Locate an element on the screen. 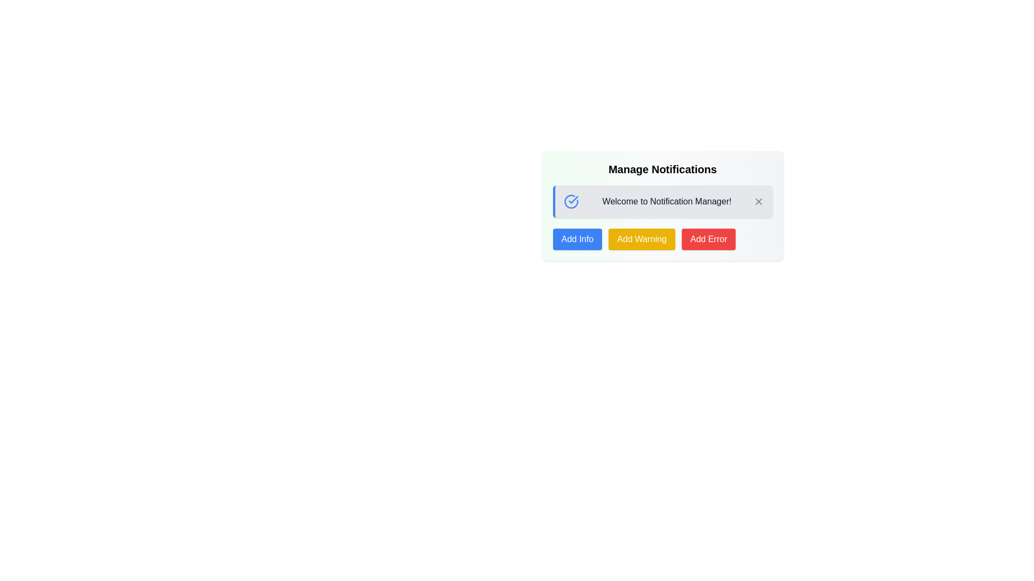 This screenshot has height=581, width=1034. the third button in the 'Manage Notifications' card is located at coordinates (709, 238).